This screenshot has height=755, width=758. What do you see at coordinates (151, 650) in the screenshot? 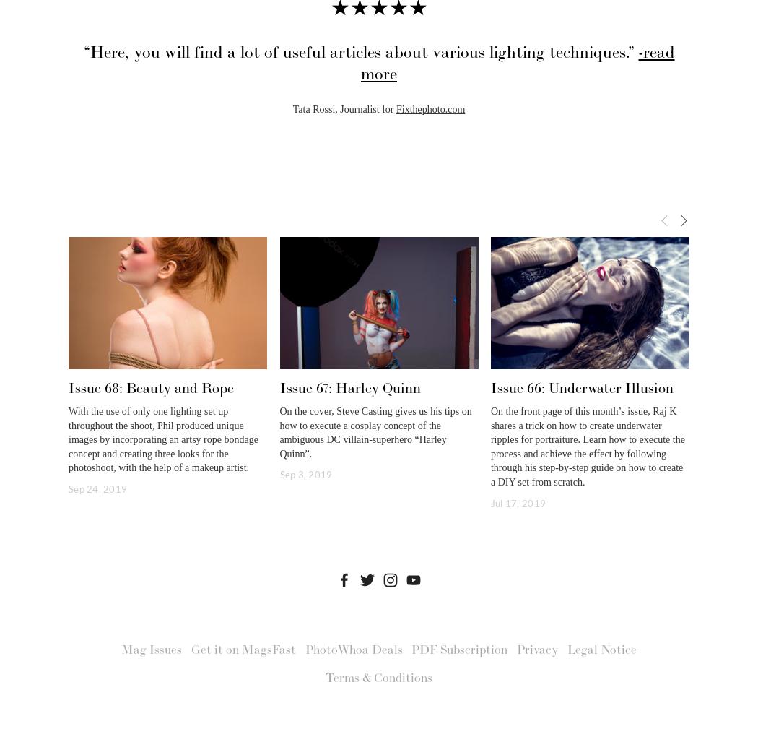
I see `'Mag Issues'` at bounding box center [151, 650].